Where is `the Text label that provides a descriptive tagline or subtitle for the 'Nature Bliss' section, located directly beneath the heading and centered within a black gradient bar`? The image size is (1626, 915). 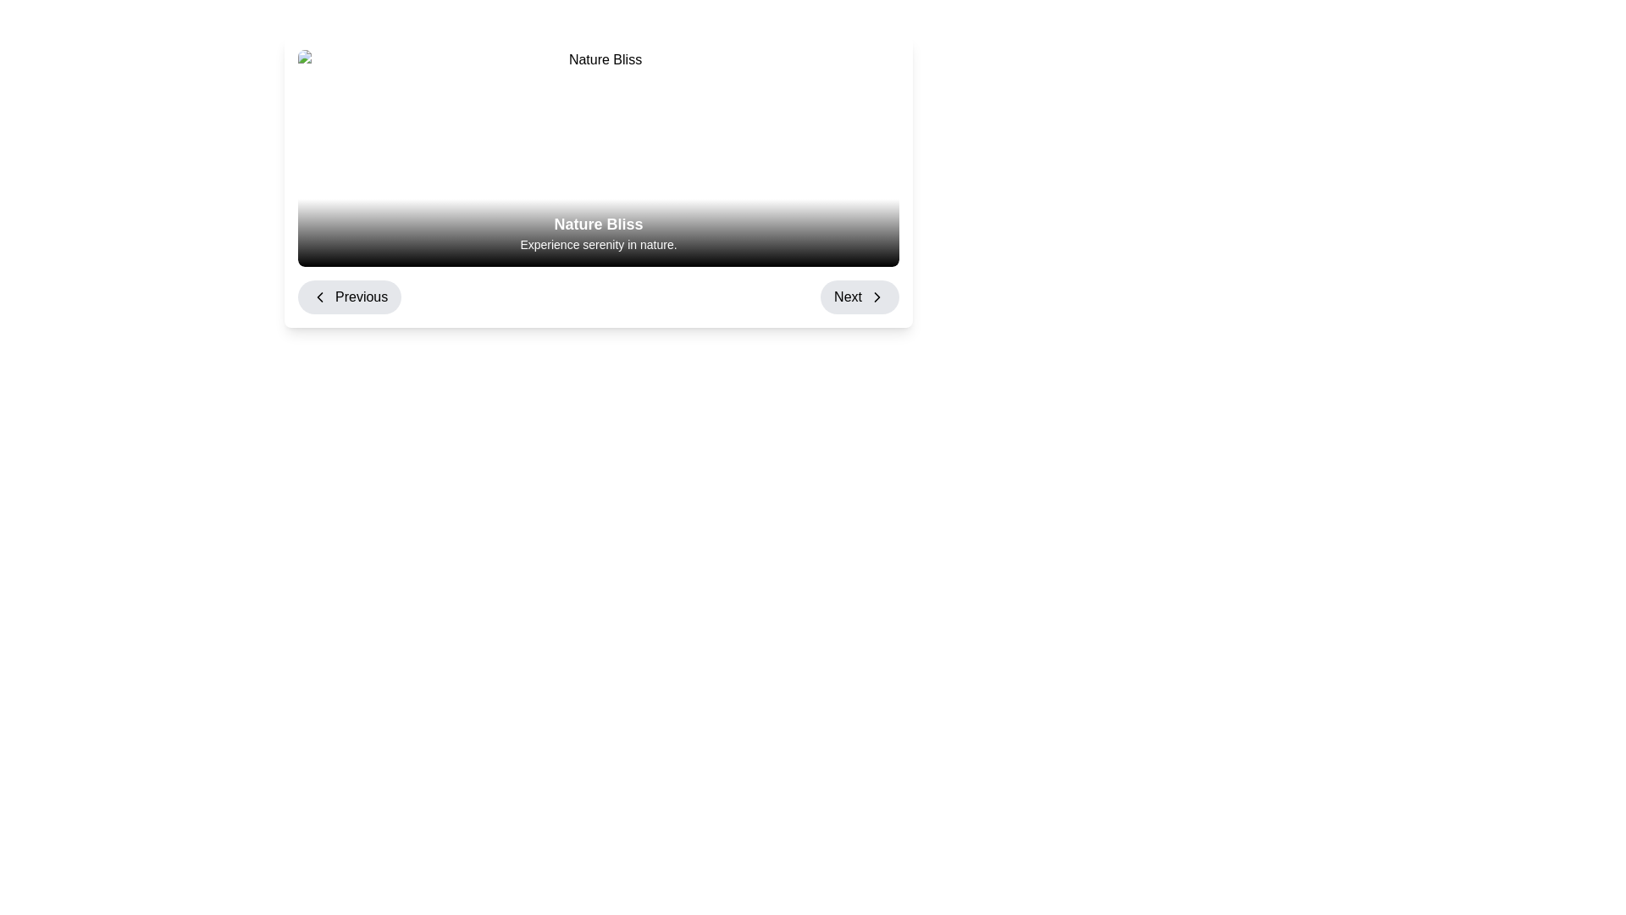 the Text label that provides a descriptive tagline or subtitle for the 'Nature Bliss' section, located directly beneath the heading and centered within a black gradient bar is located at coordinates (598, 245).